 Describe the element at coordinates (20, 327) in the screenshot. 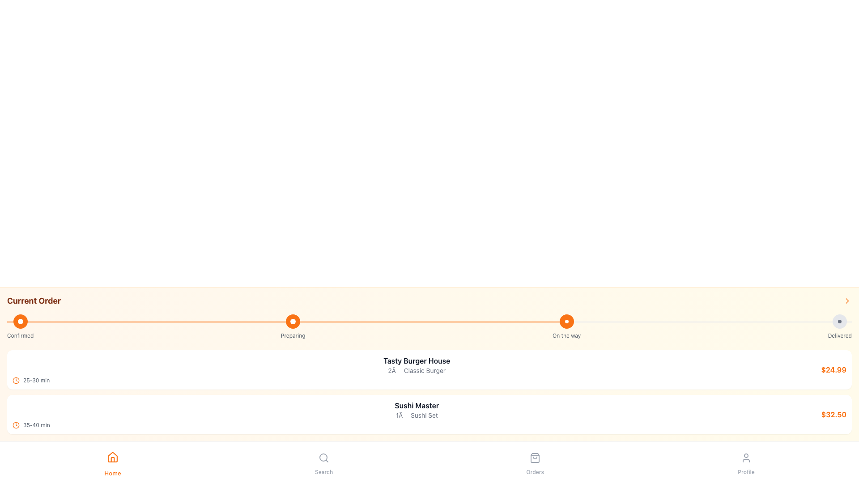

I see `the Circular progress indicator that is filled with solid orange color and has a text label 'Confirmed' below it, indicating a step in a process tracker` at that location.